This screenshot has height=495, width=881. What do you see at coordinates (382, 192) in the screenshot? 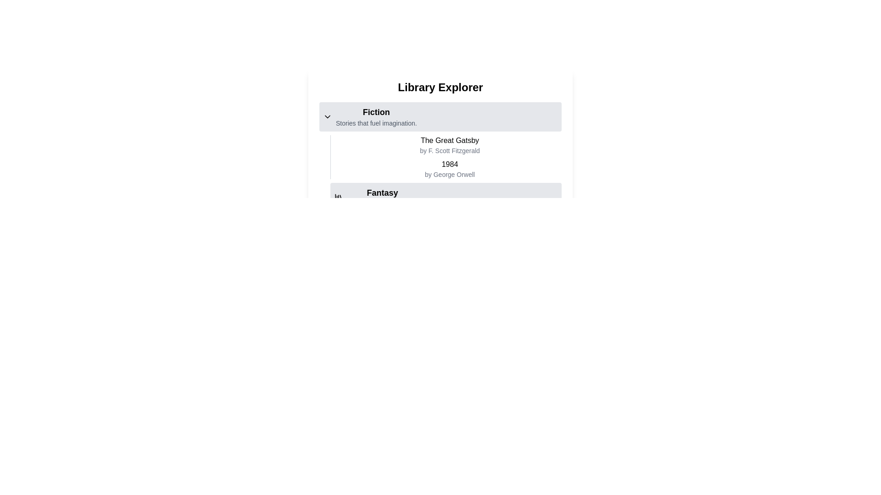
I see `text label indicating the category 'Fantasy' located in the main content area, centered horizontally, above the sub-text 'Dive into magical worlds.'` at bounding box center [382, 192].